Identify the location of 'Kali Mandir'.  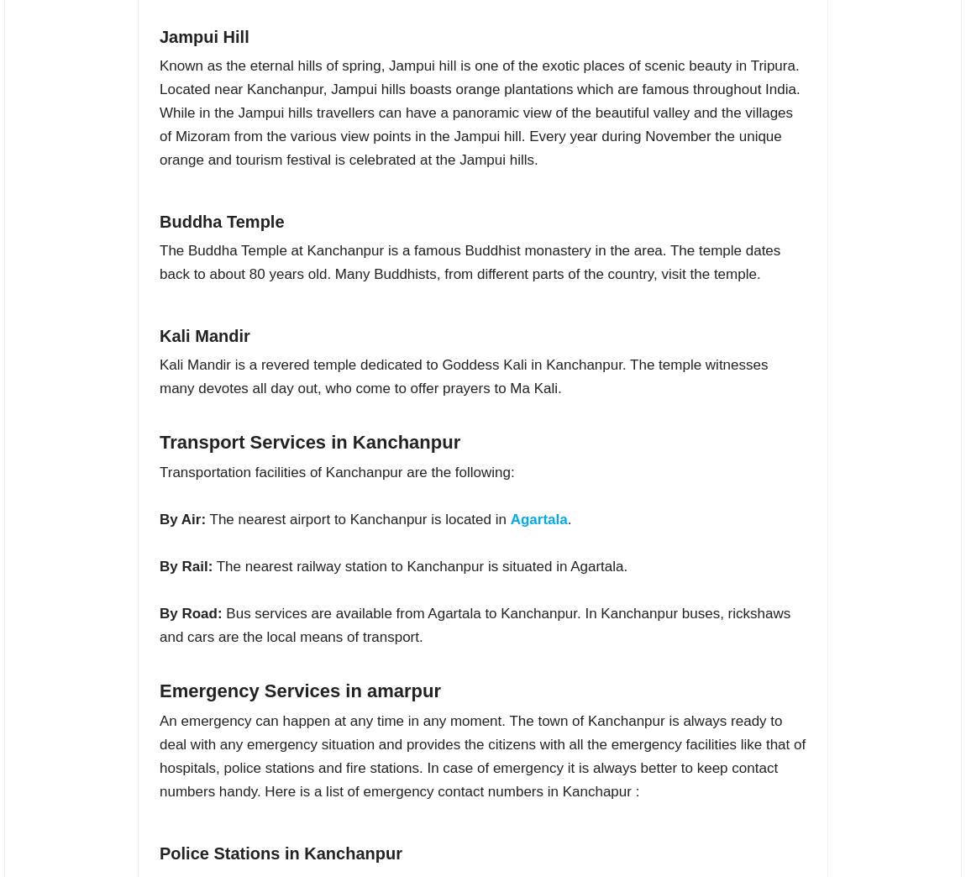
(203, 334).